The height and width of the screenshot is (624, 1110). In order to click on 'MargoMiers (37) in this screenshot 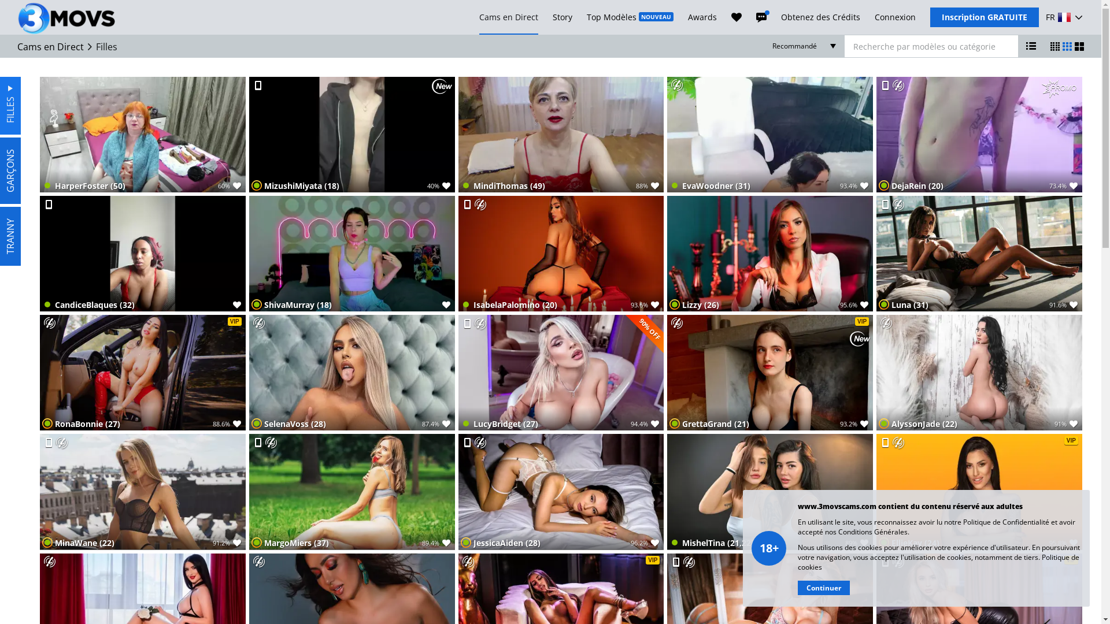, I will do `click(351, 492)`.